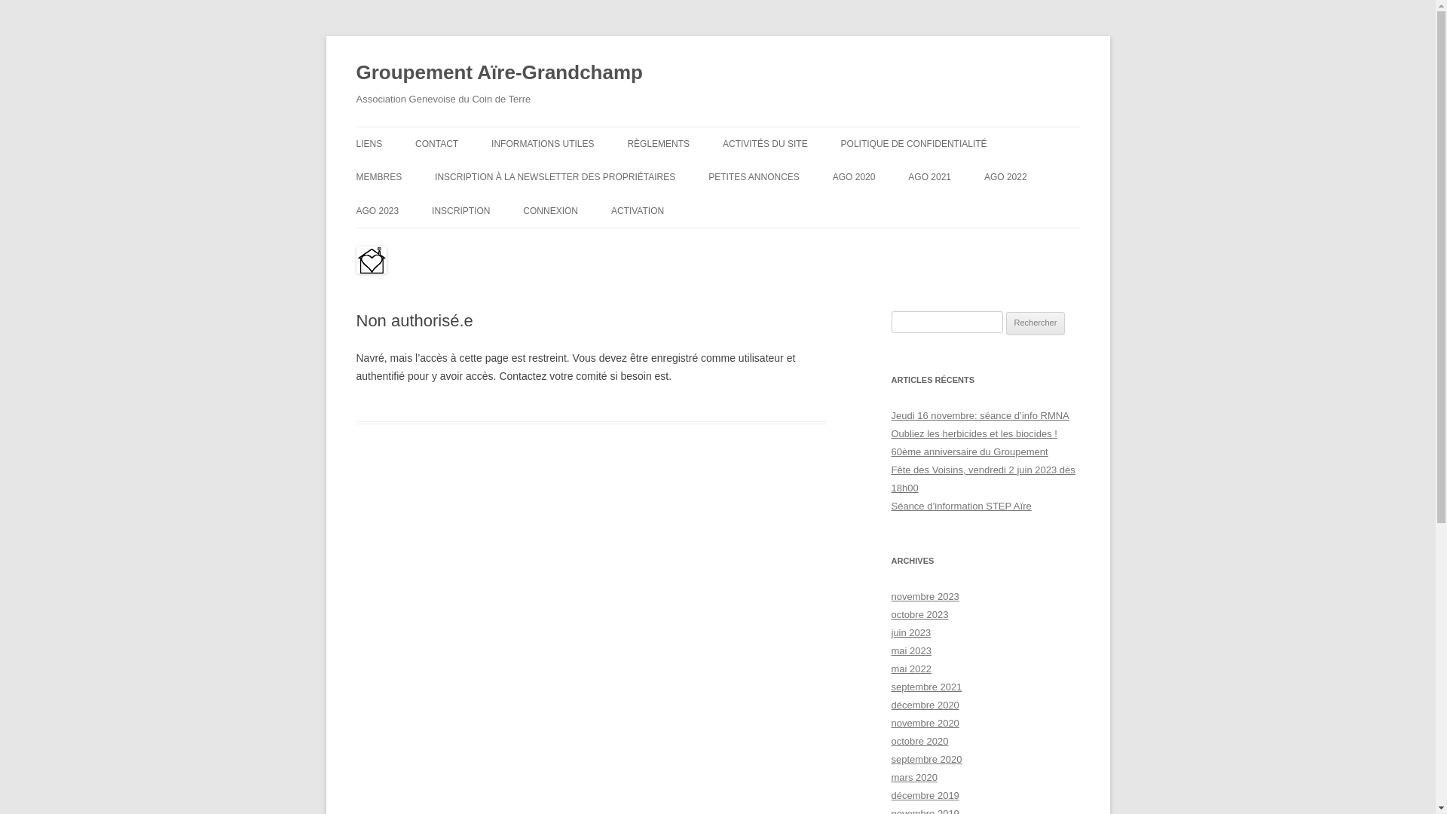 This screenshot has width=1447, height=814. I want to click on 'juin 2023', so click(910, 632).